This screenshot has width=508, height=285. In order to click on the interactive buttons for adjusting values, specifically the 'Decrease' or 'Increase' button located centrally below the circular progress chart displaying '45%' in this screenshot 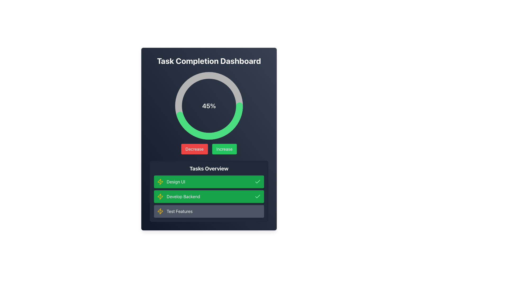, I will do `click(209, 149)`.